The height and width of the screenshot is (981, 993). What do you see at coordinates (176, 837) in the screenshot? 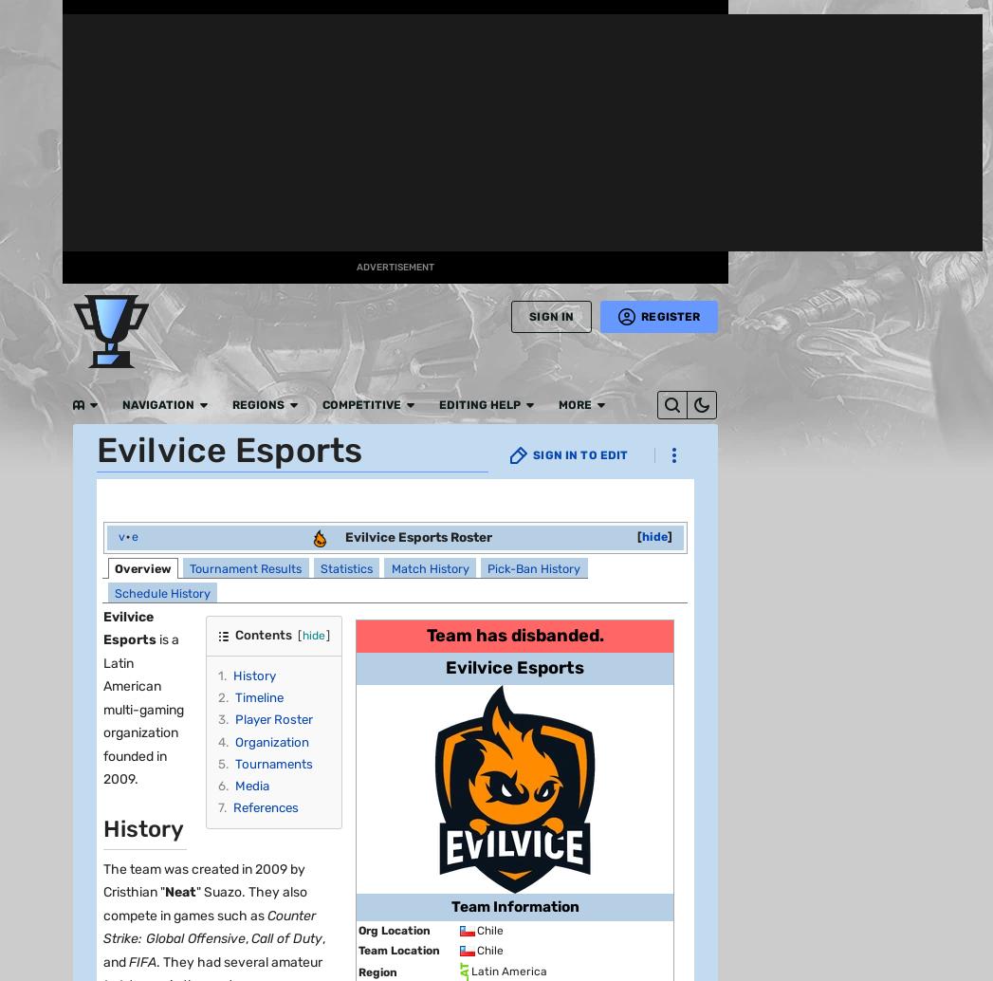
I see `'T1'` at bounding box center [176, 837].